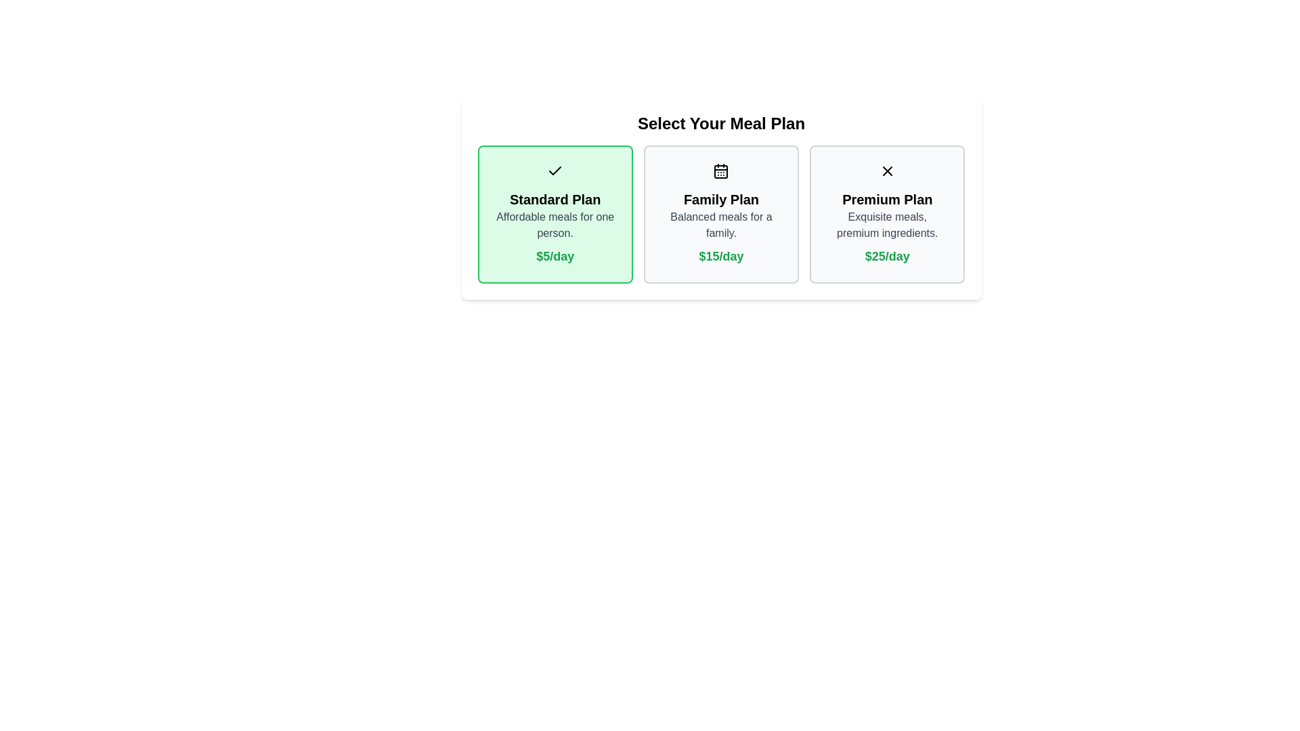 The height and width of the screenshot is (731, 1300). Describe the element at coordinates (555, 171) in the screenshot. I see `the state of the check icon, which is a stylized checkmark in solid black, located within the 'Standard Plan' card selection indicator` at that location.